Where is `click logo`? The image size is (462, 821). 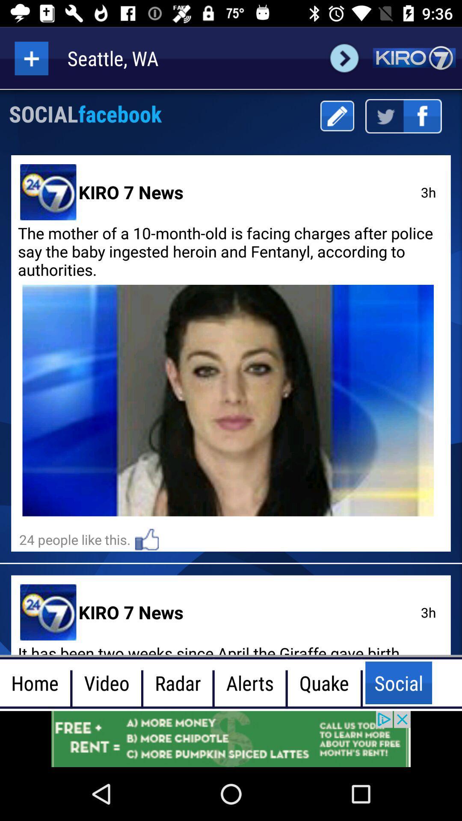 click logo is located at coordinates (414, 58).